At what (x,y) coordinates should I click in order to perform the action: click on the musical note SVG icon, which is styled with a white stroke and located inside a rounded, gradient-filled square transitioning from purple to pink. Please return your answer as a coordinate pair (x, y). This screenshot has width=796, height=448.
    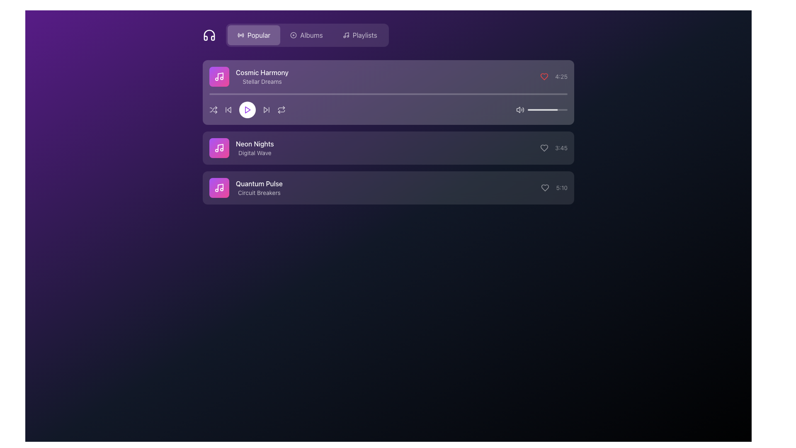
    Looking at the image, I should click on (219, 148).